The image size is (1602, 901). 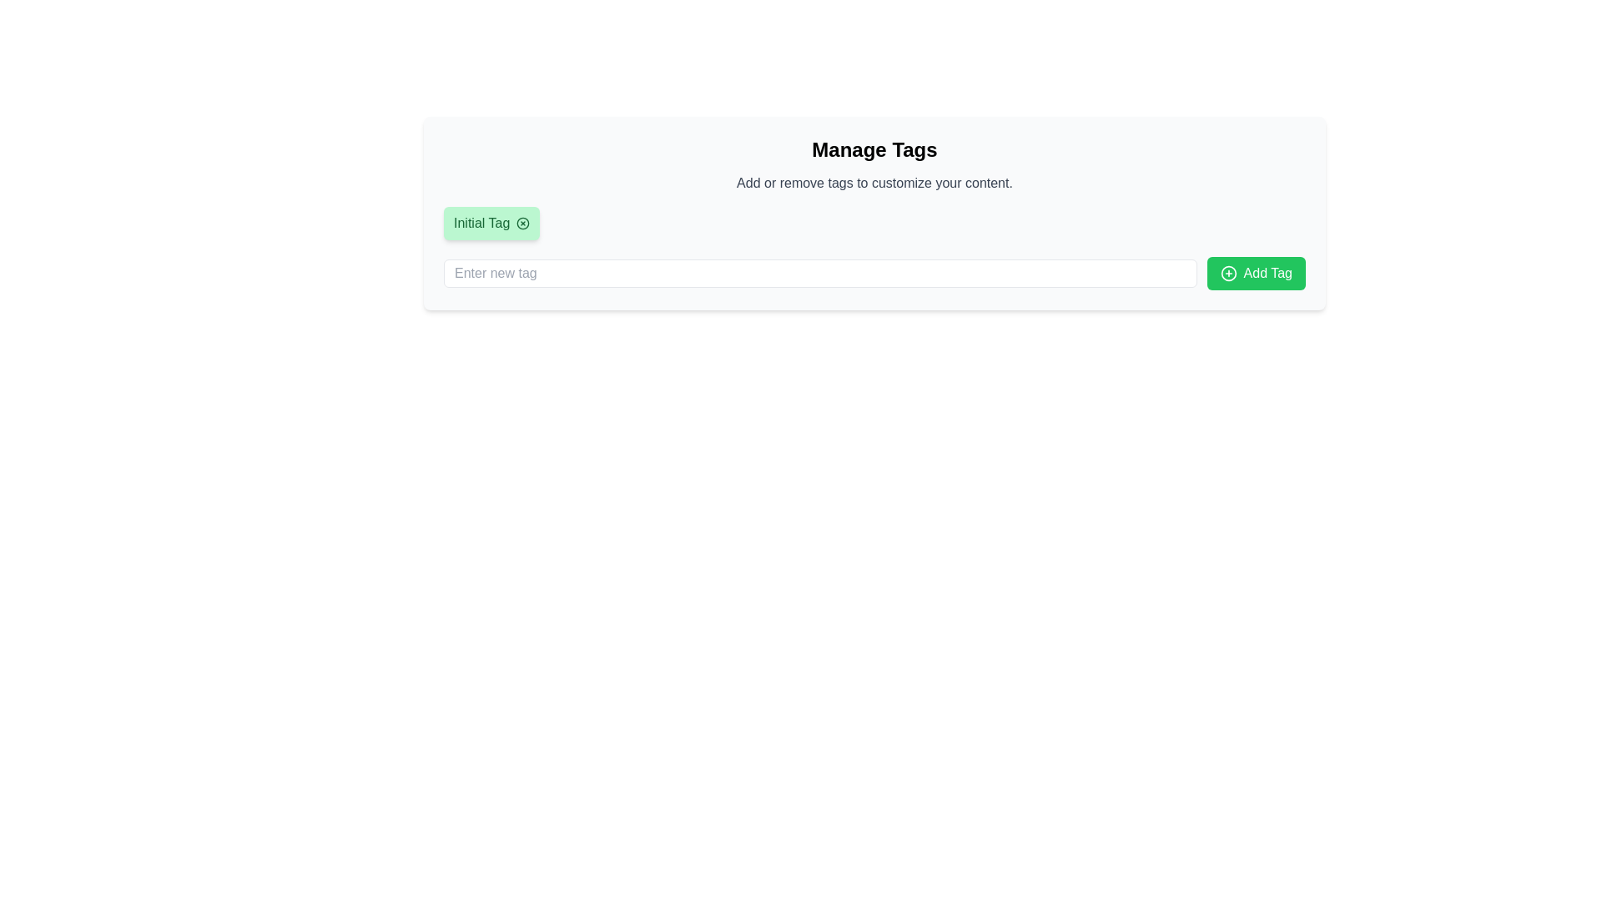 What do you see at coordinates (522, 222) in the screenshot?
I see `the close or remove icon located within the green rounded rectangle labeled 'Initial Tag'` at bounding box center [522, 222].